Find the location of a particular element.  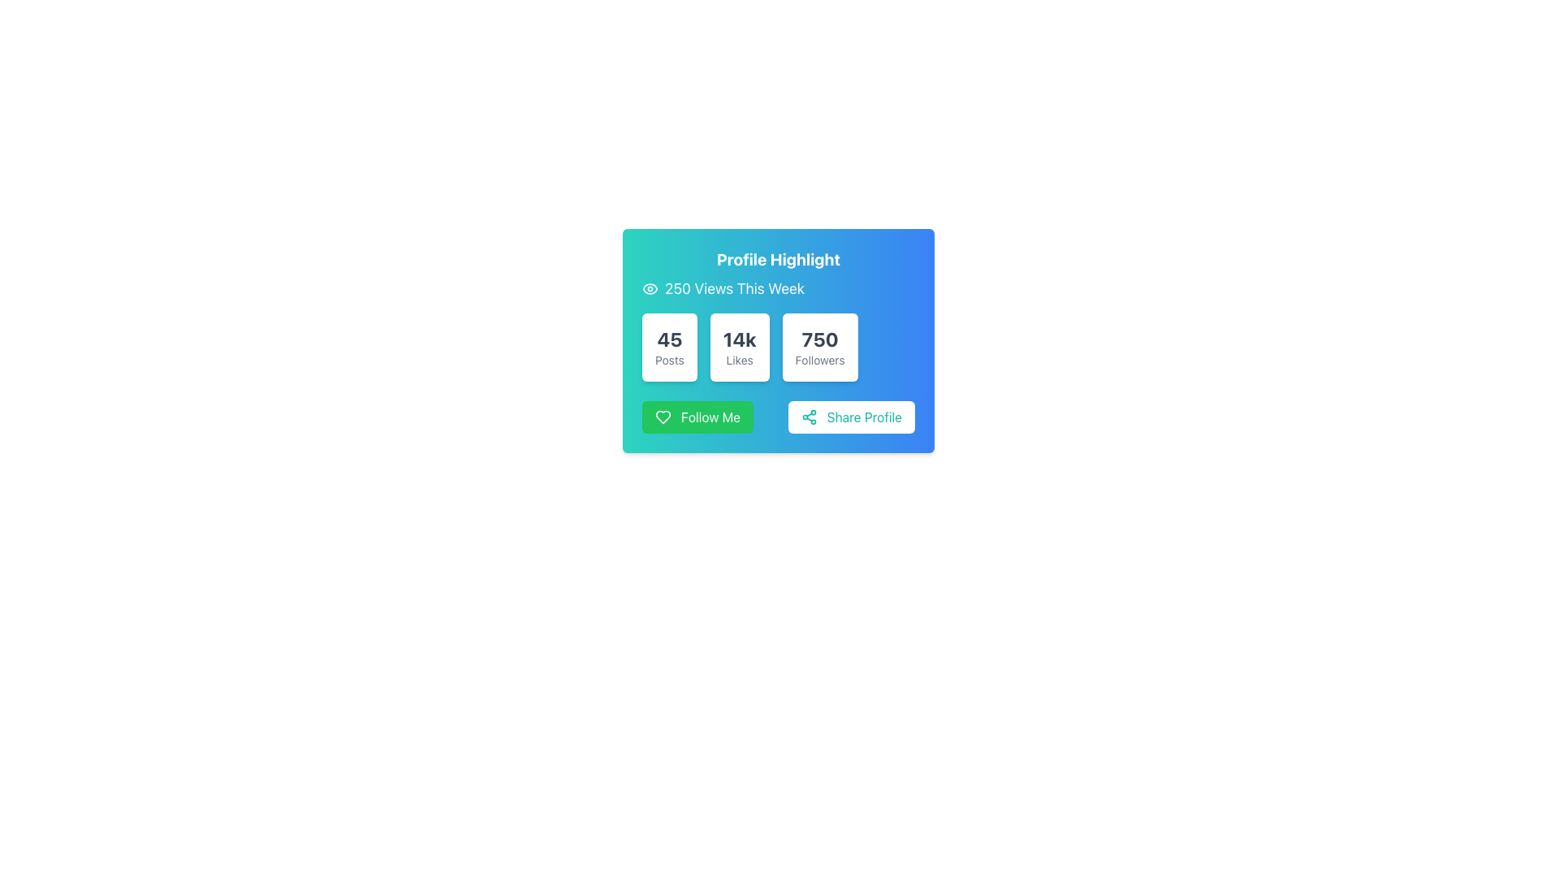

the heart-shaped icon that represents the action of liking or favoriting content, located near the left side of the 'Follow Me' button is located at coordinates (663, 416).